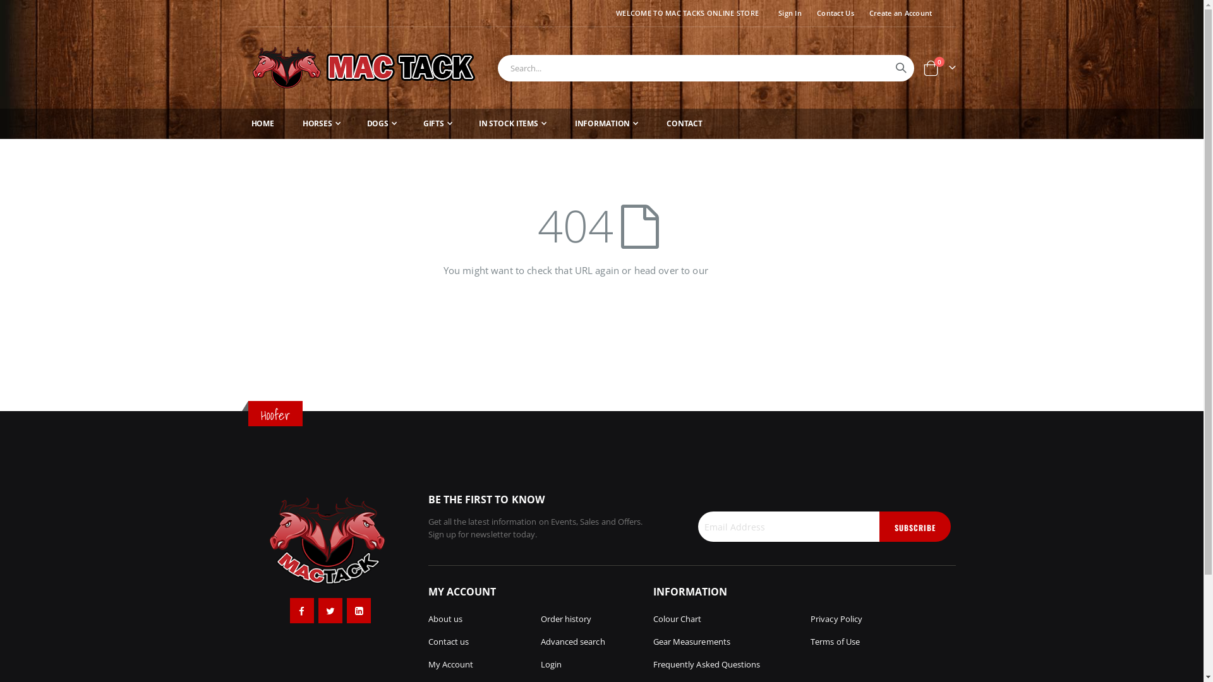 This screenshot has width=1213, height=682. What do you see at coordinates (706, 664) in the screenshot?
I see `'Frequently Asked Questions'` at bounding box center [706, 664].